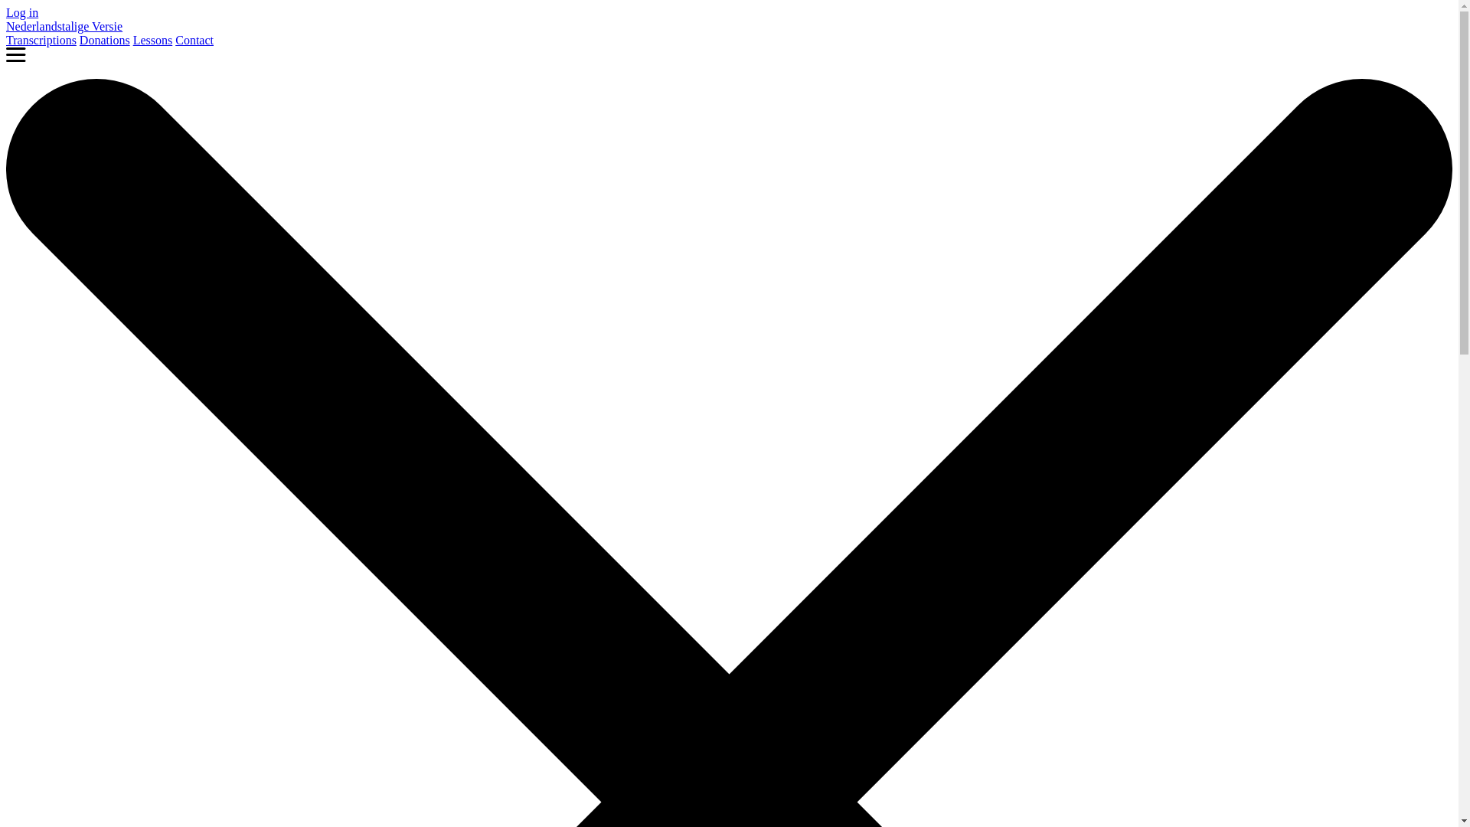  I want to click on 'Log in', so click(6, 12).